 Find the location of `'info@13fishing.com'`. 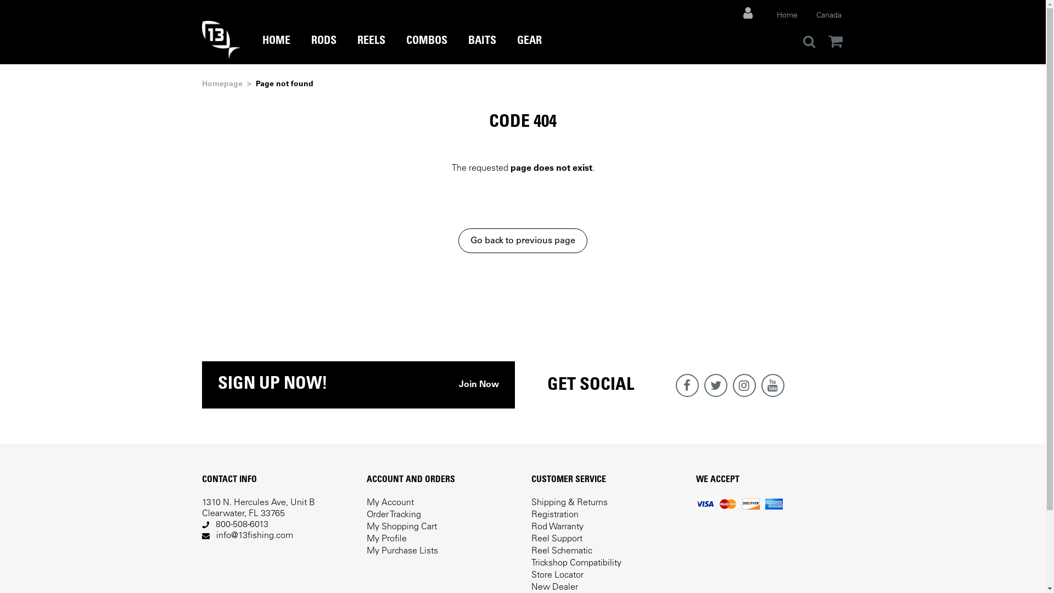

'info@13fishing.com' is located at coordinates (254, 535).